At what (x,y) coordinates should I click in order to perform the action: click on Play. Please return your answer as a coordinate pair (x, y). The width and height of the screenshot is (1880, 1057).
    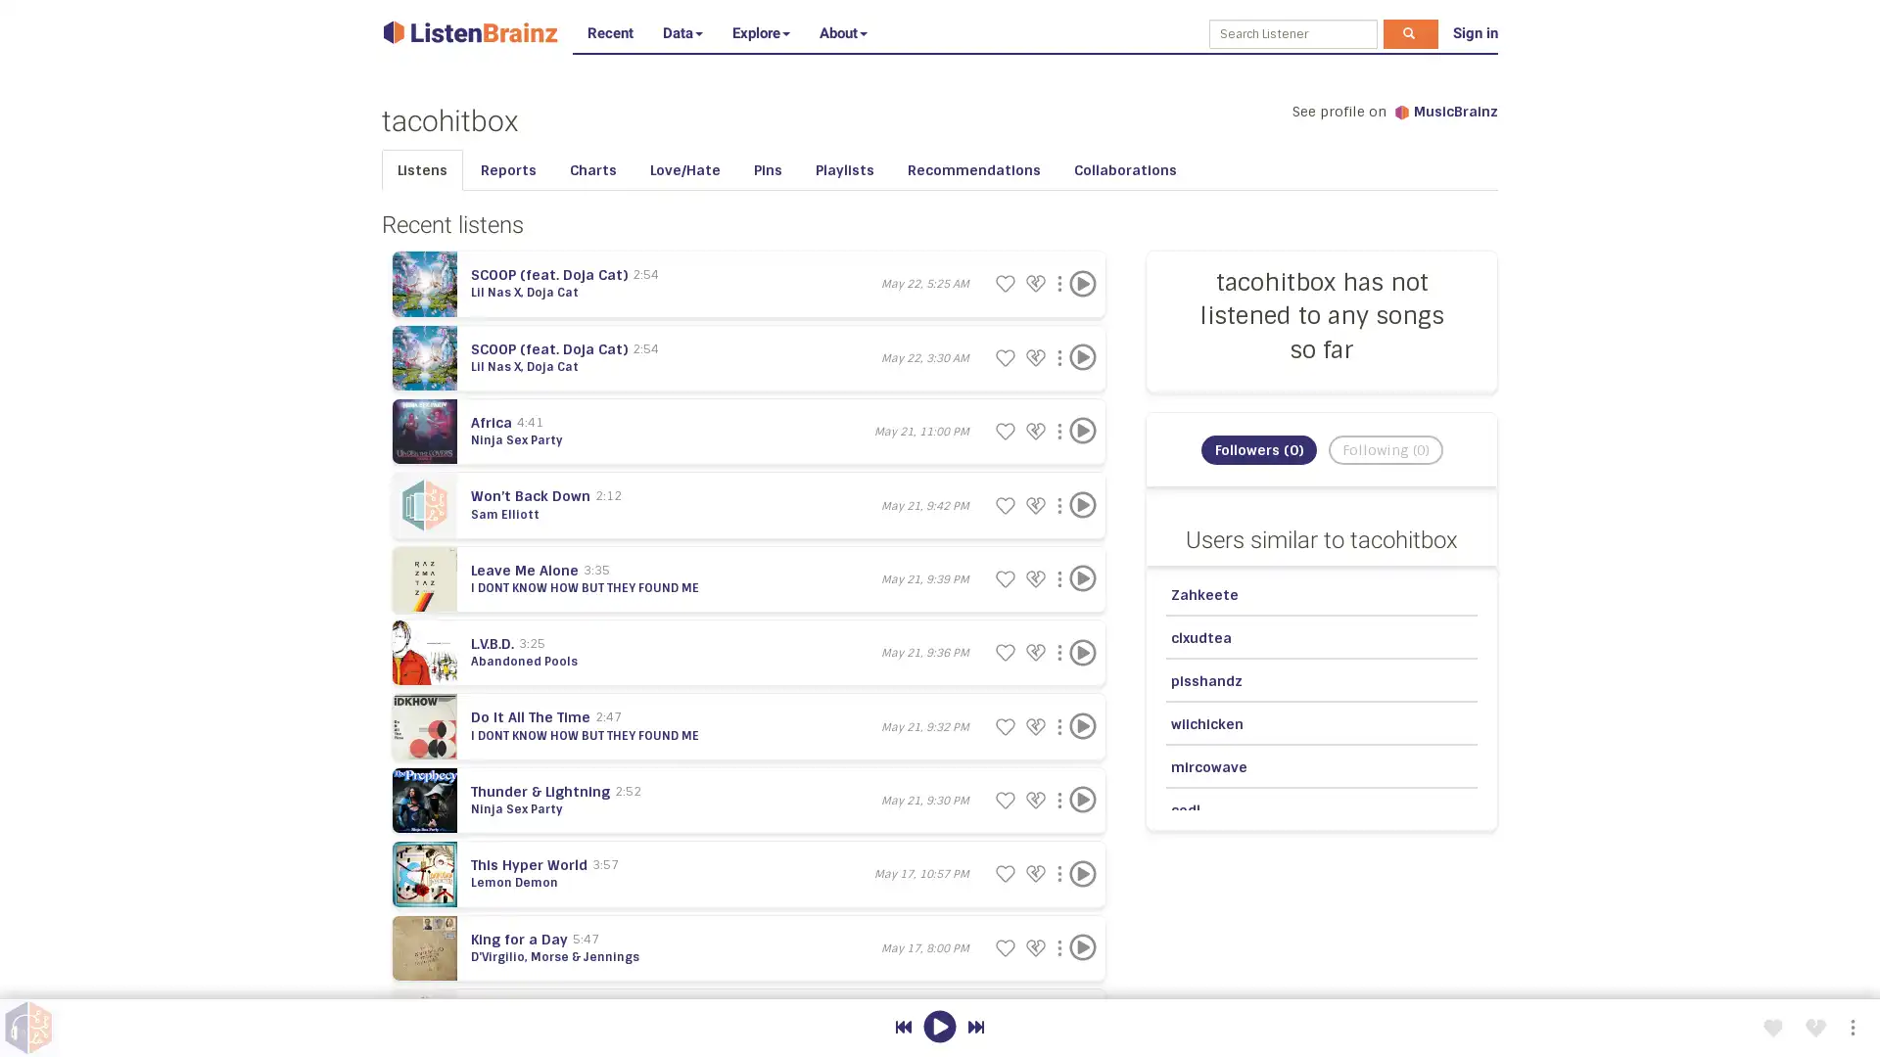
    Looking at the image, I should click on (1081, 504).